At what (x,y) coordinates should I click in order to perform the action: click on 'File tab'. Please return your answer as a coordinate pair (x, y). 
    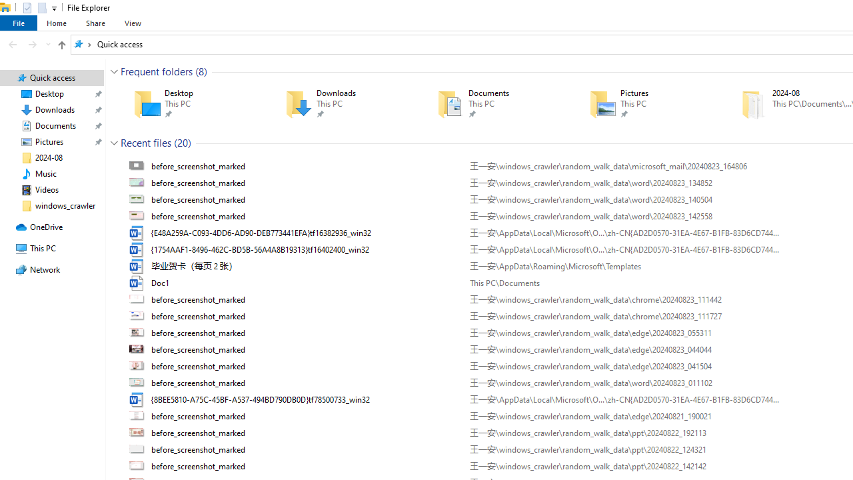
    Looking at the image, I should click on (19, 23).